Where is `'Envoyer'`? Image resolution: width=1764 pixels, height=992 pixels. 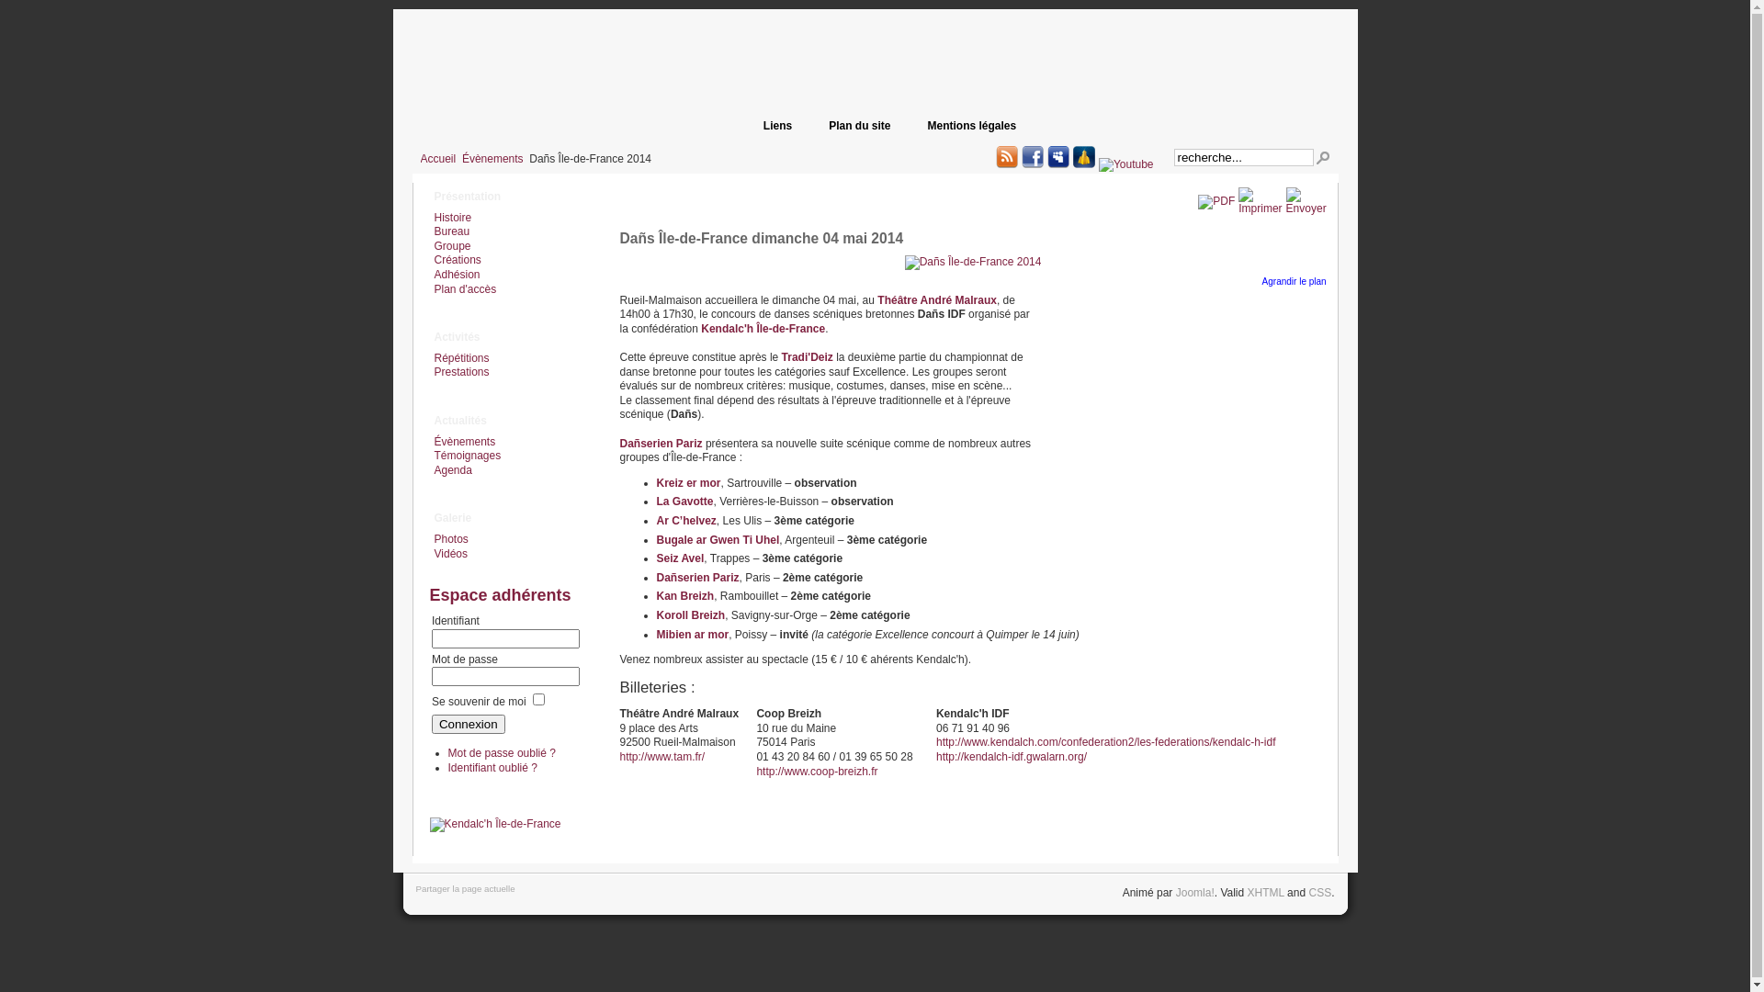 'Envoyer' is located at coordinates (1285, 208).